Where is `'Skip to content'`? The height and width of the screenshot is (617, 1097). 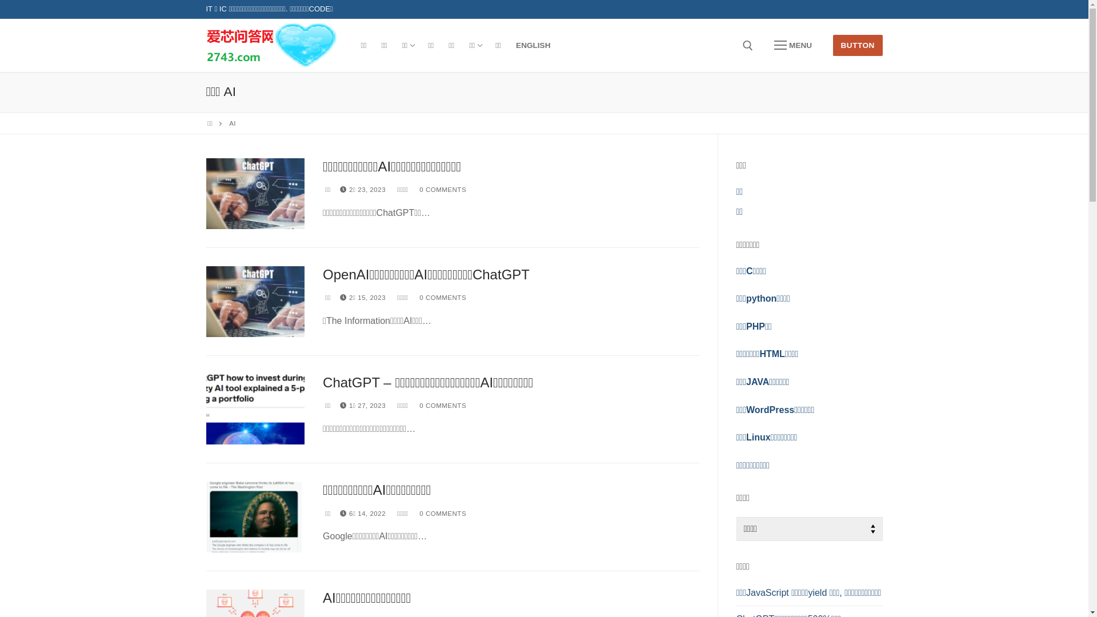
'Skip to content' is located at coordinates (0, 0).